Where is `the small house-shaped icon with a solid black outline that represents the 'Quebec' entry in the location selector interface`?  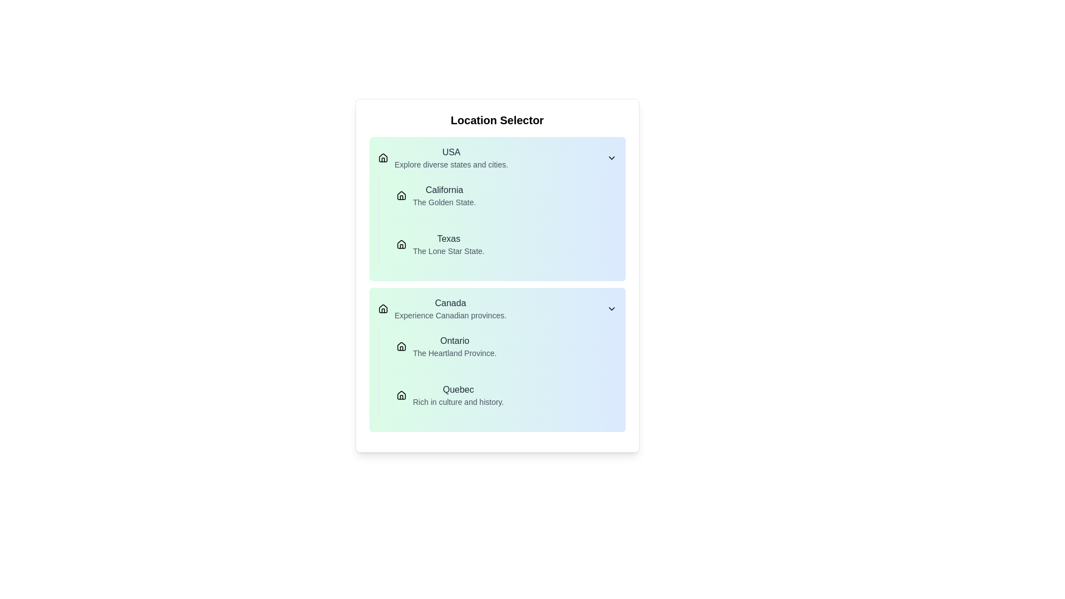
the small house-shaped icon with a solid black outline that represents the 'Quebec' entry in the location selector interface is located at coordinates (400, 395).